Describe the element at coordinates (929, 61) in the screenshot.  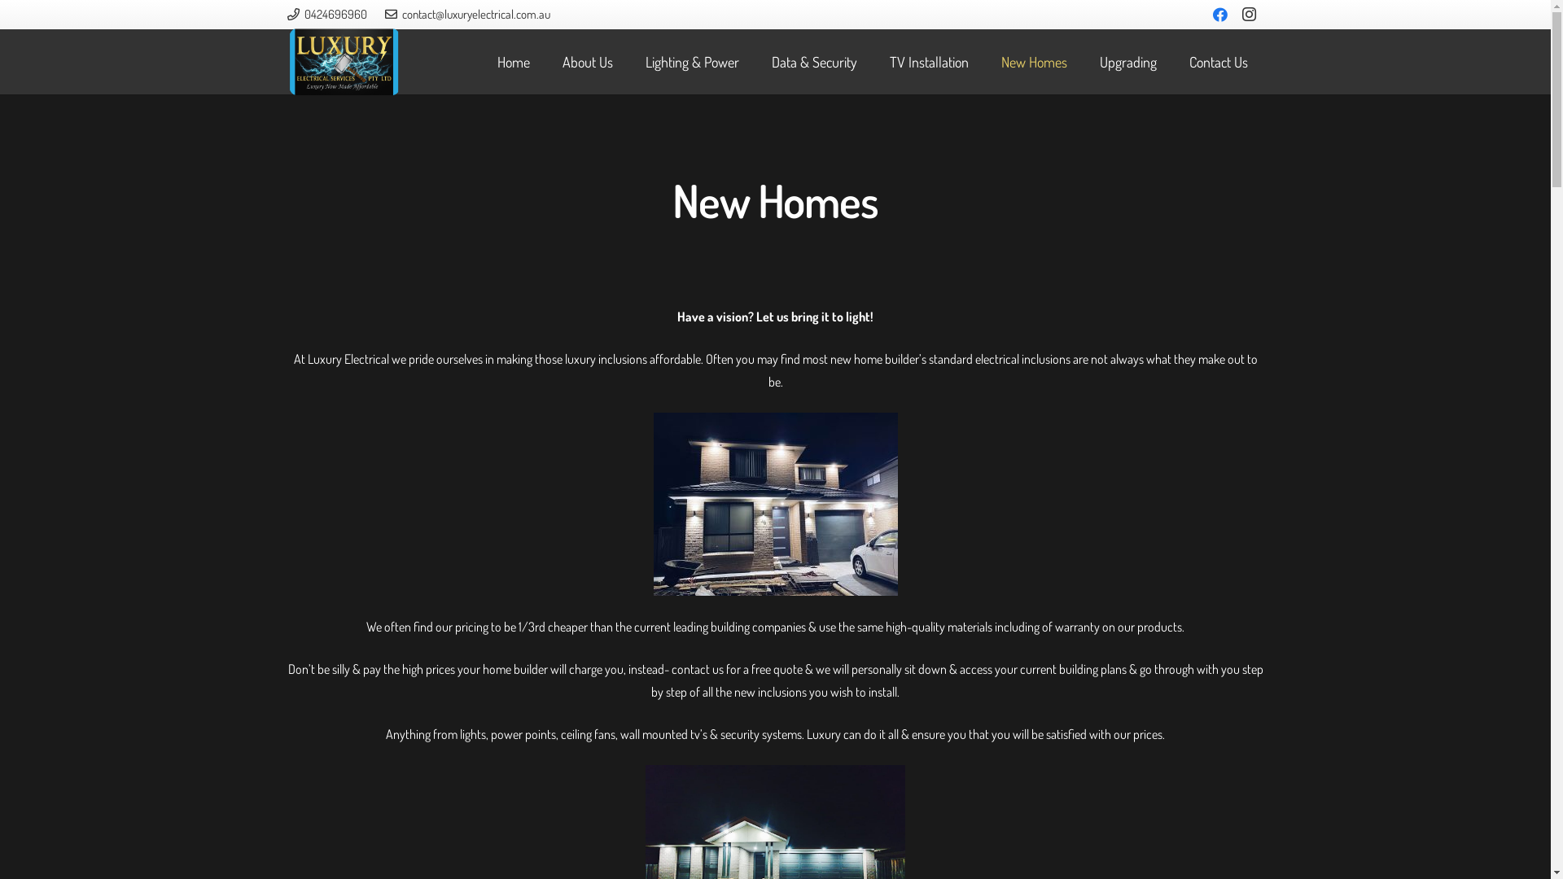
I see `'TV Installation'` at that location.